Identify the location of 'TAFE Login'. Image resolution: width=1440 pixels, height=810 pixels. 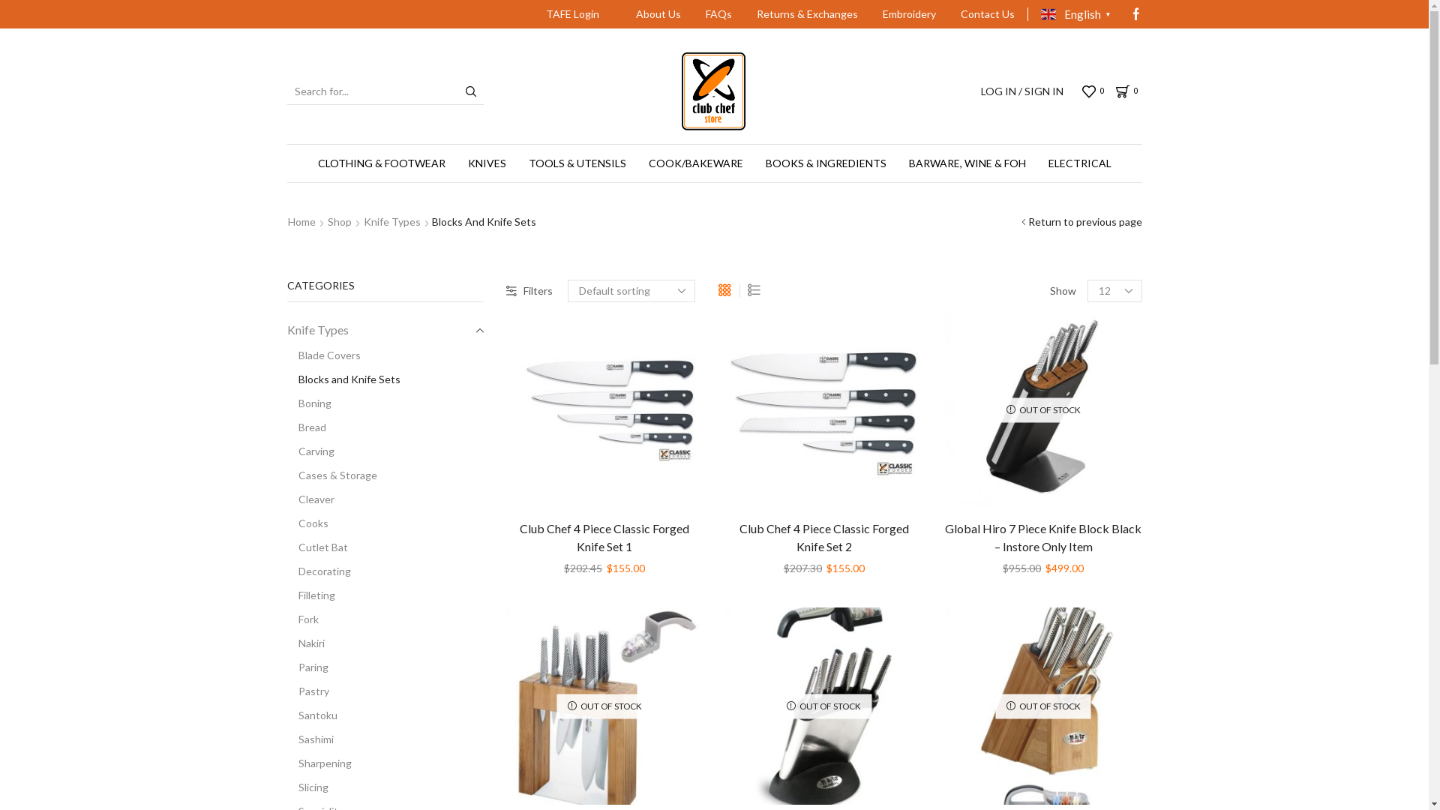
(571, 14).